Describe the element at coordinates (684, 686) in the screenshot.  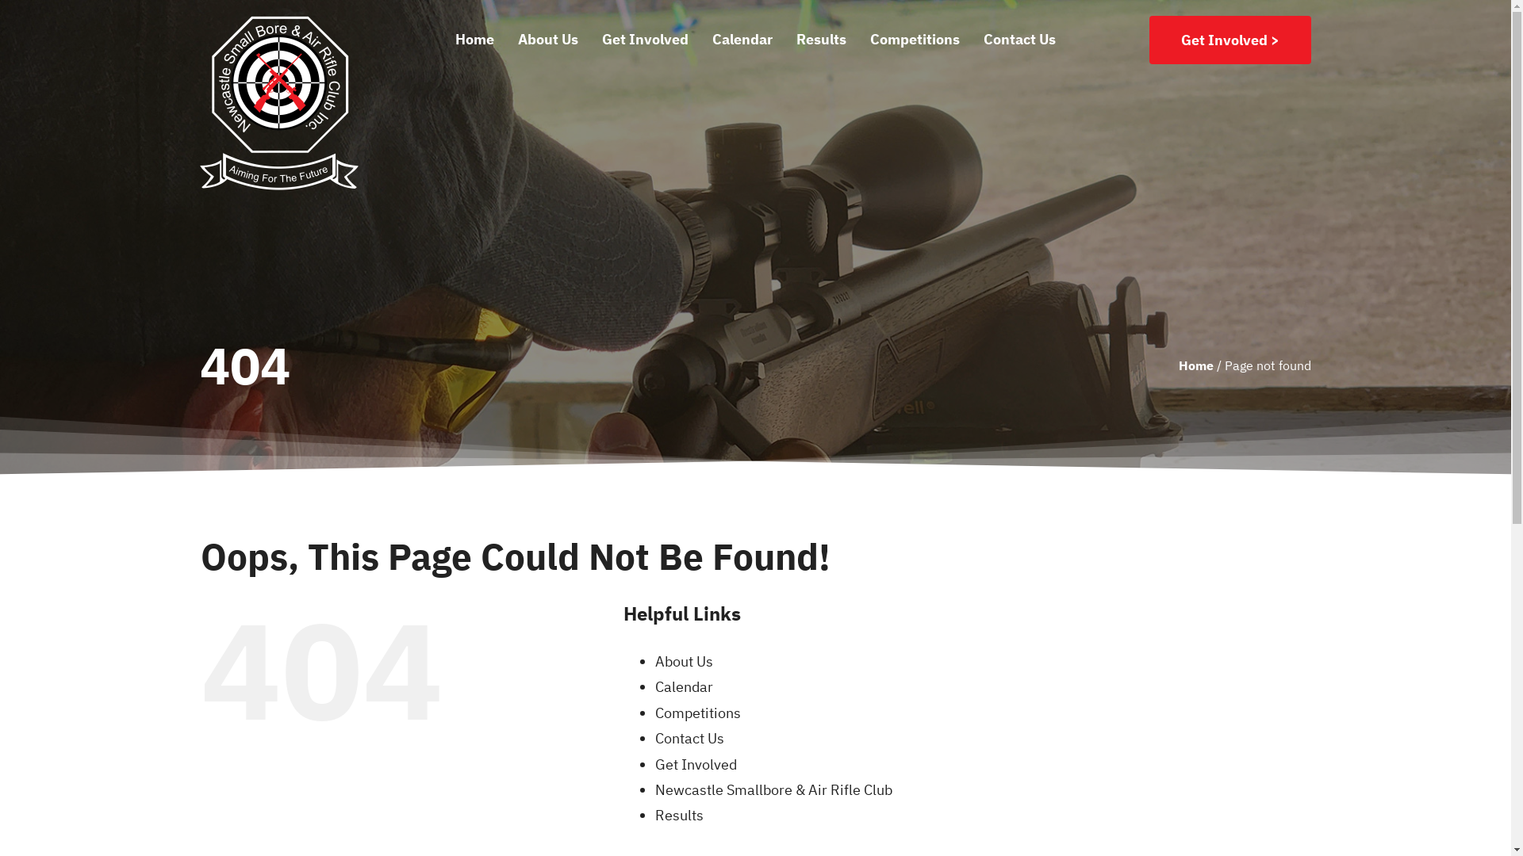
I see `'Calendar'` at that location.